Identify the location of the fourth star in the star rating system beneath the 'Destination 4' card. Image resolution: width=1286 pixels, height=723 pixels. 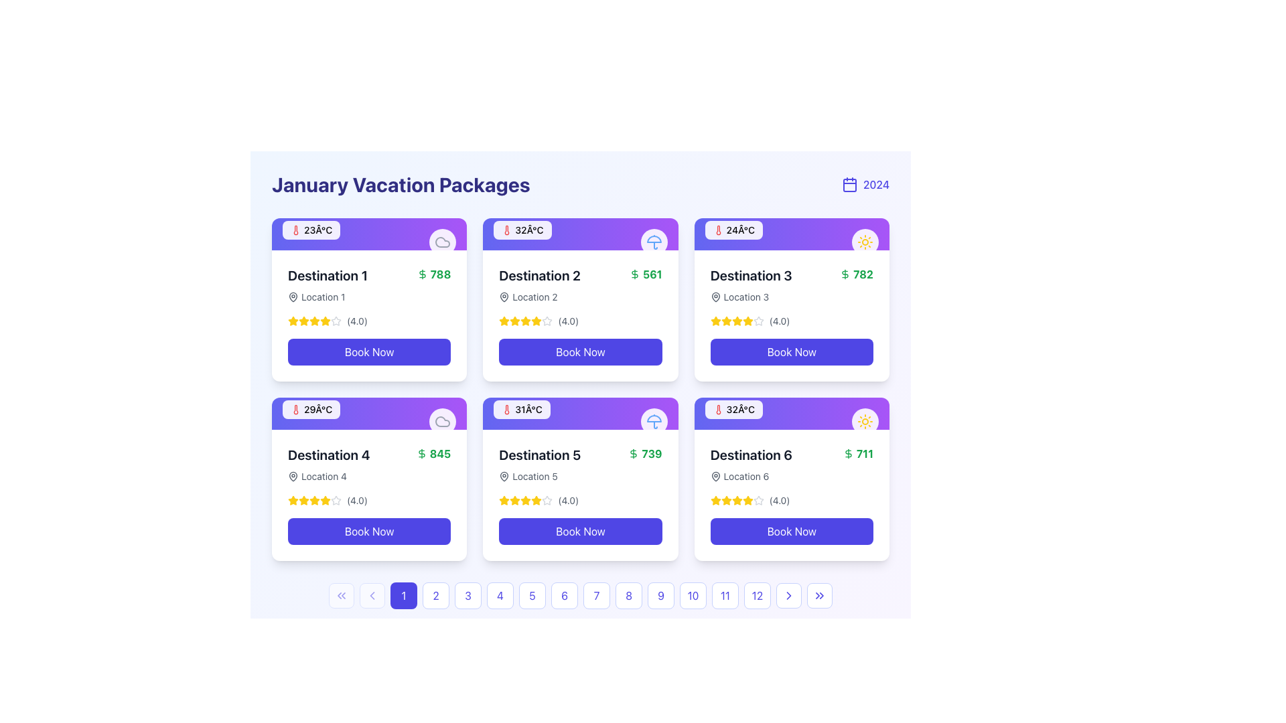
(325, 500).